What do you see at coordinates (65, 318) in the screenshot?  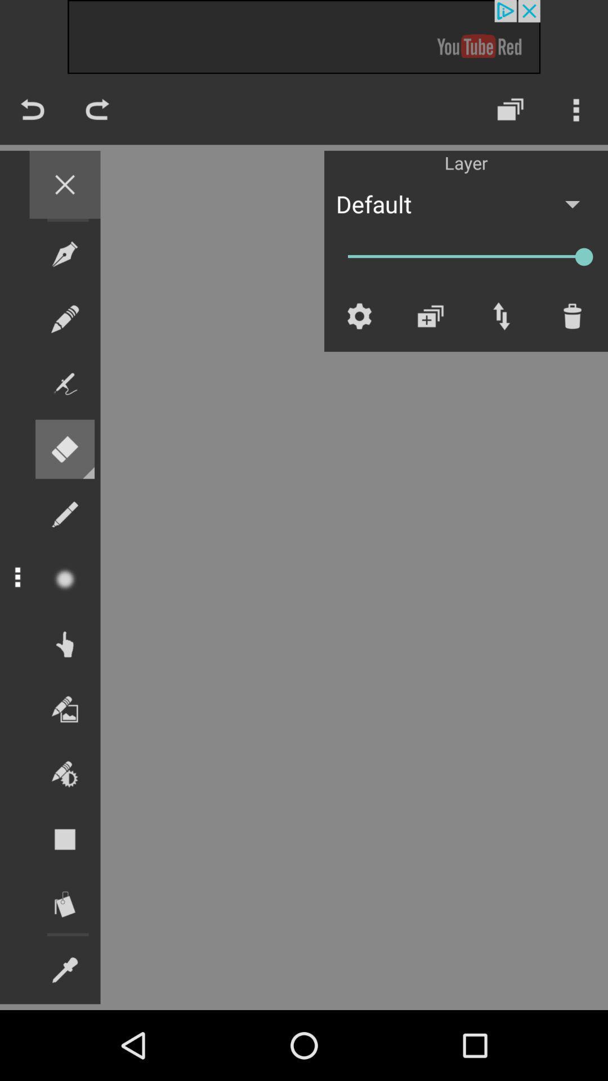 I see `the edit icon` at bounding box center [65, 318].